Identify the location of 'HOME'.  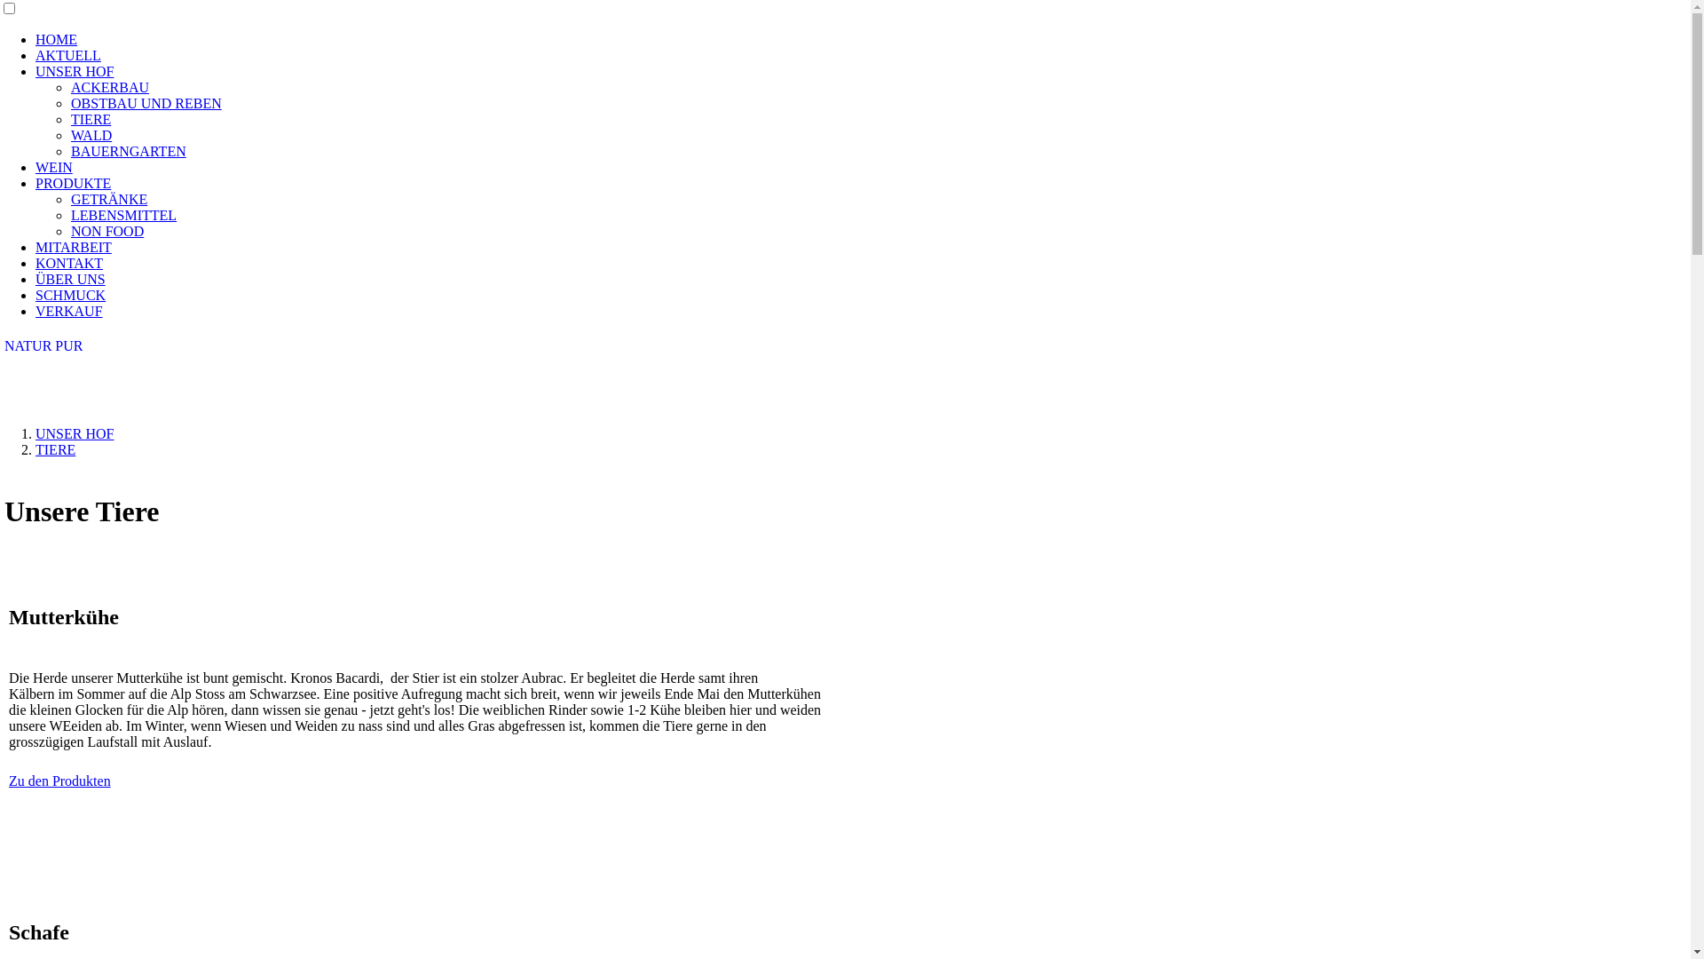
(56, 39).